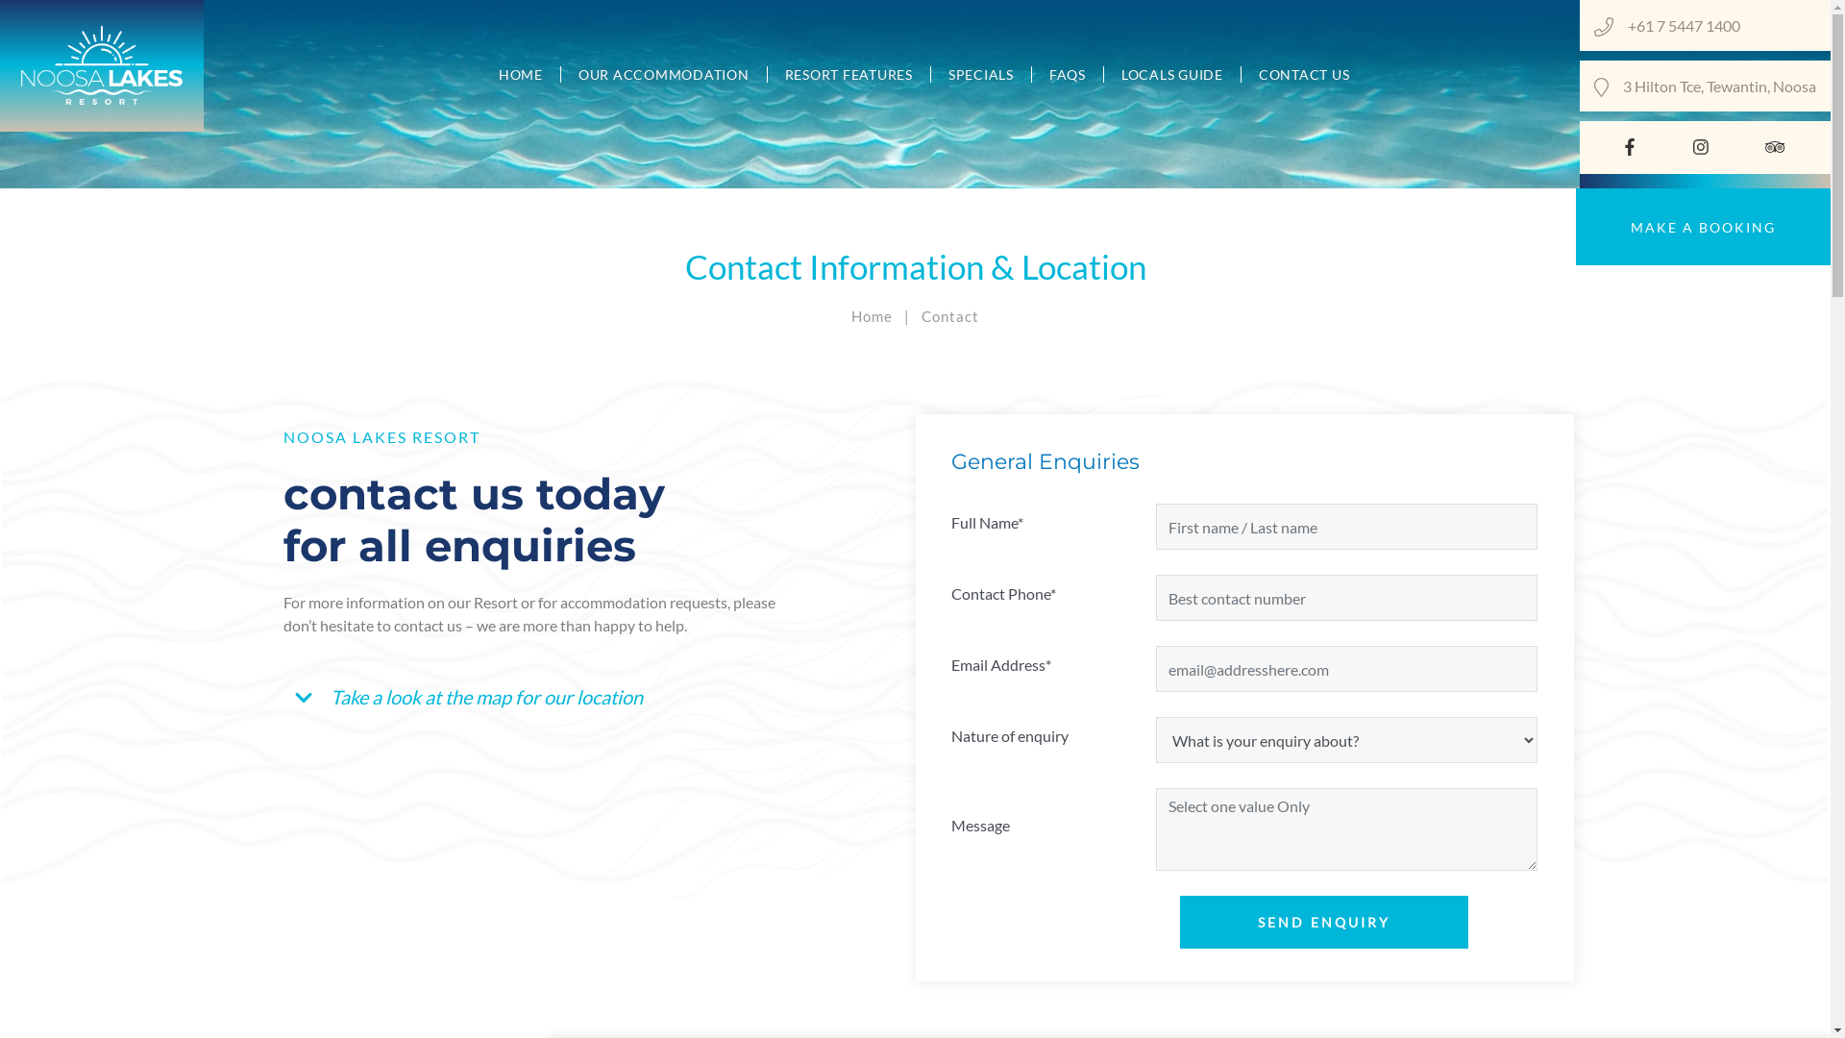 Image resolution: width=1845 pixels, height=1038 pixels. Describe the element at coordinates (1703, 226) in the screenshot. I see `'MAKE A BOOKING'` at that location.